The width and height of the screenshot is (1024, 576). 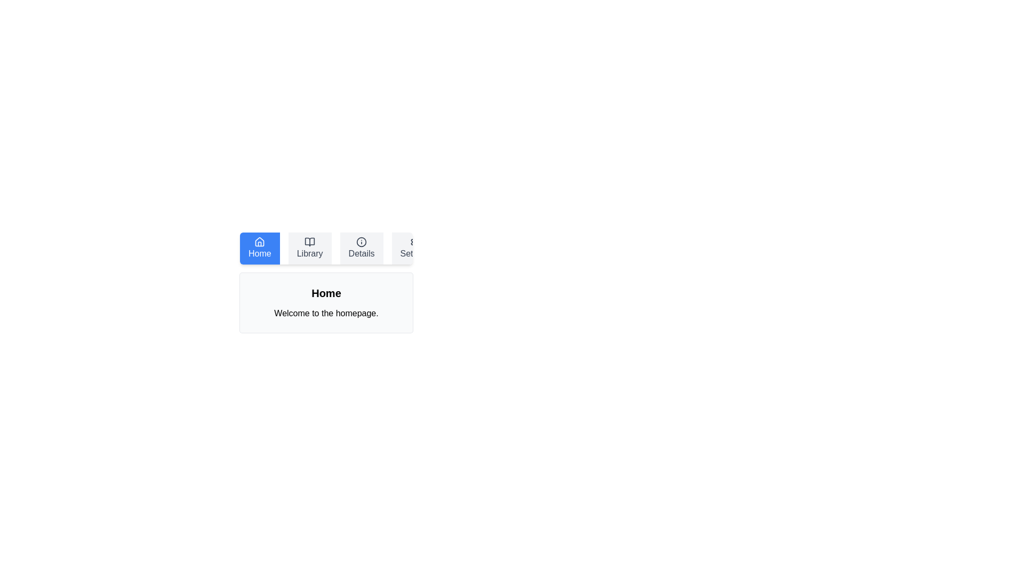 What do you see at coordinates (361, 249) in the screenshot?
I see `the Details tab to navigate to its section` at bounding box center [361, 249].